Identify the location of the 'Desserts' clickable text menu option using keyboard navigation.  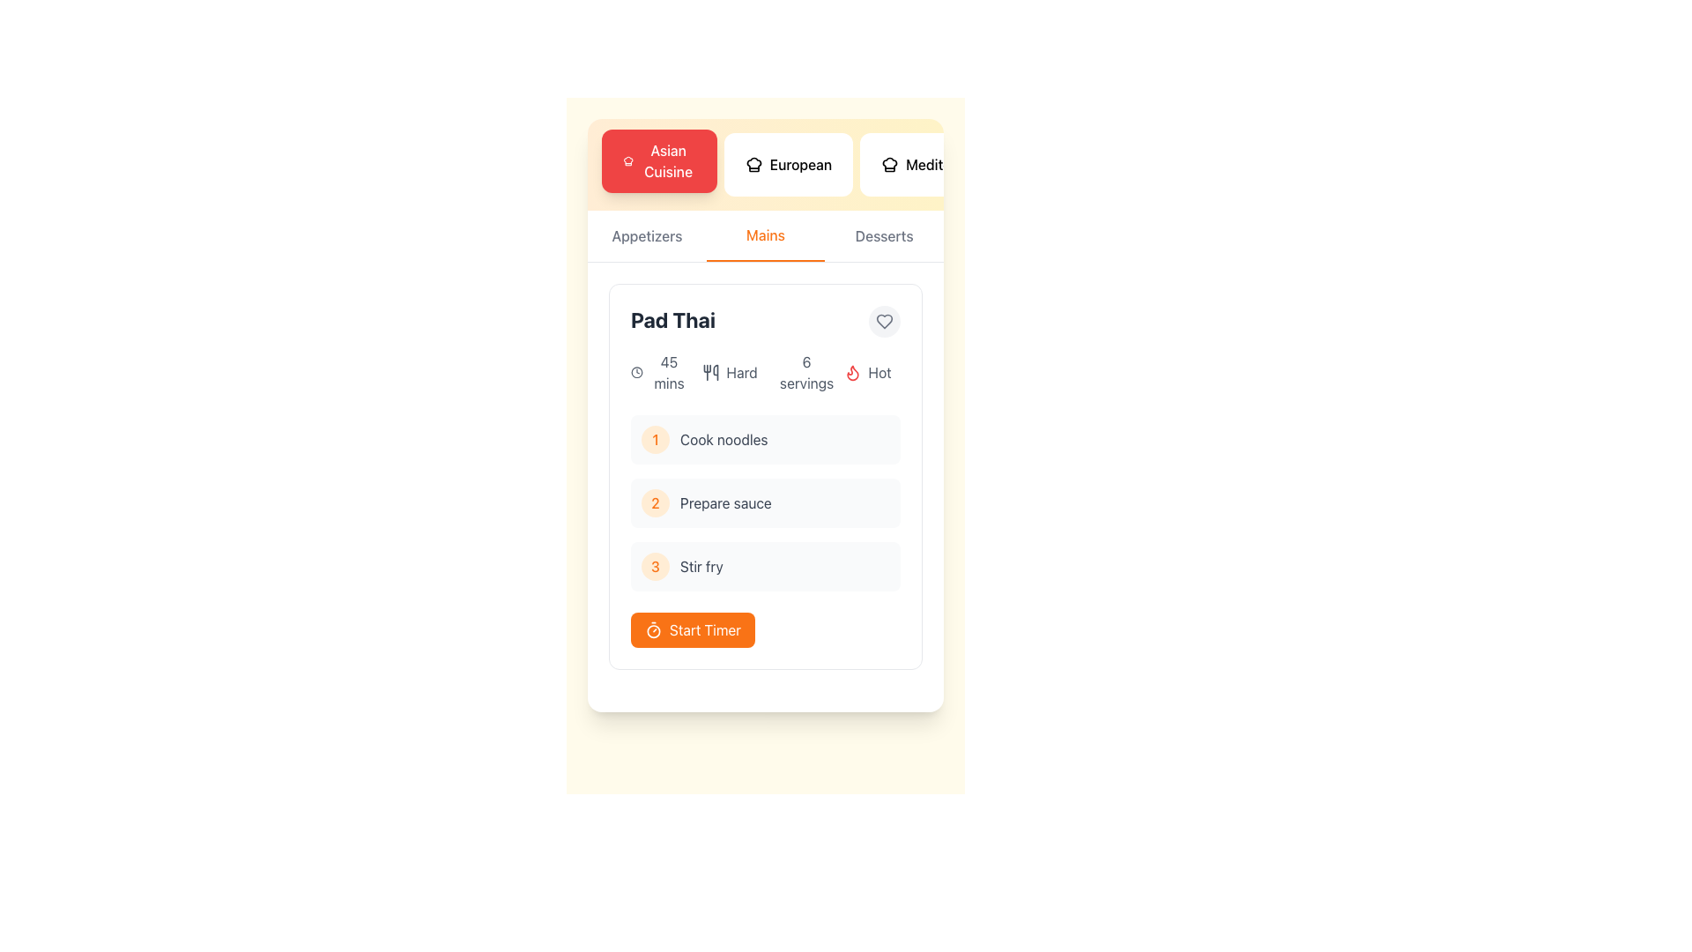
(884, 234).